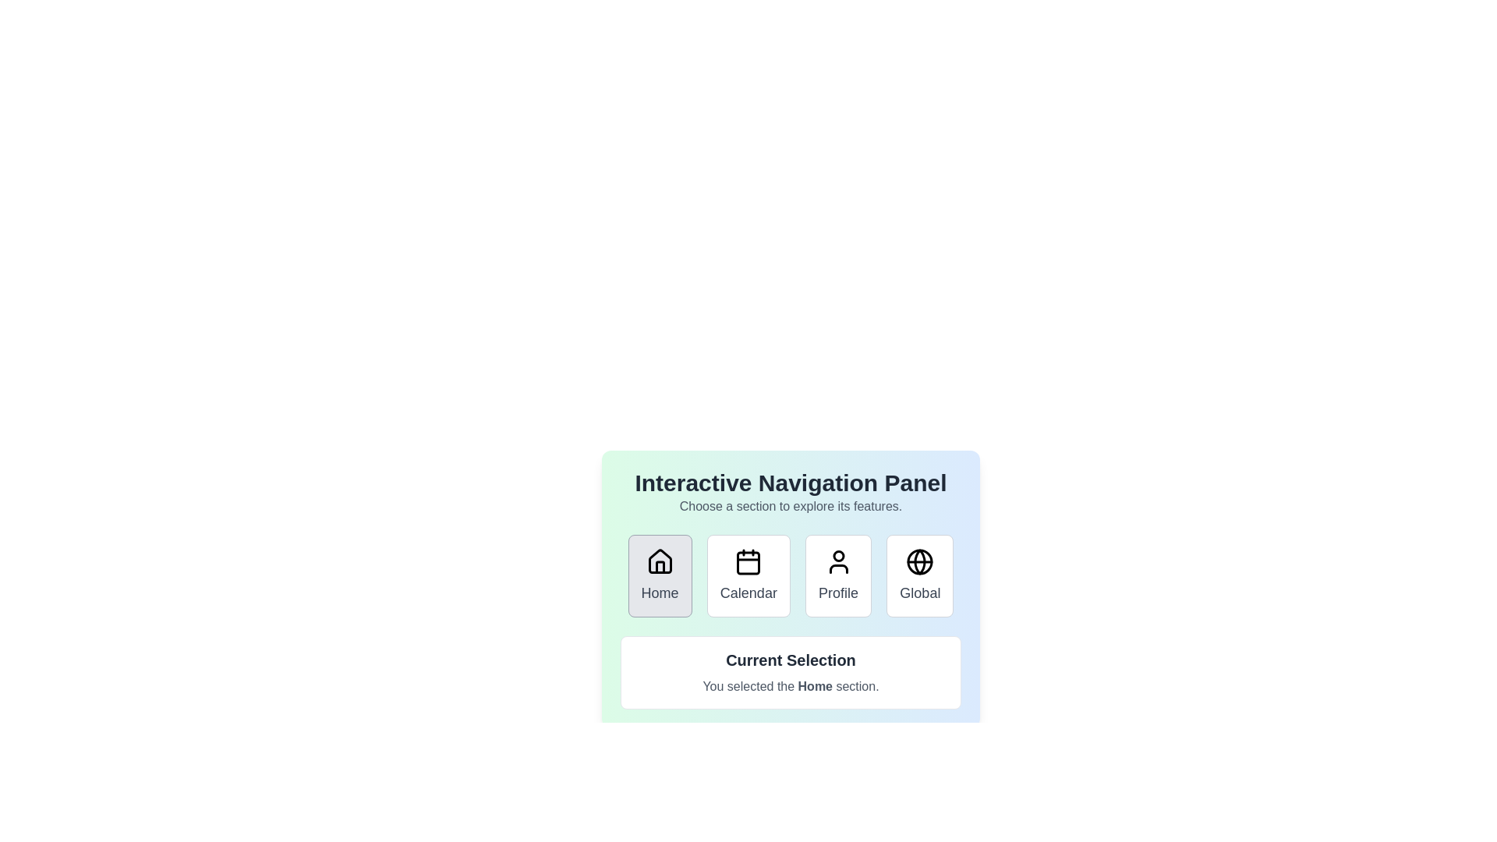  What do you see at coordinates (748, 593) in the screenshot?
I see `the descriptive text label for the calendar feature, which is located below the calendar icon in the second card of the navigation panel` at bounding box center [748, 593].